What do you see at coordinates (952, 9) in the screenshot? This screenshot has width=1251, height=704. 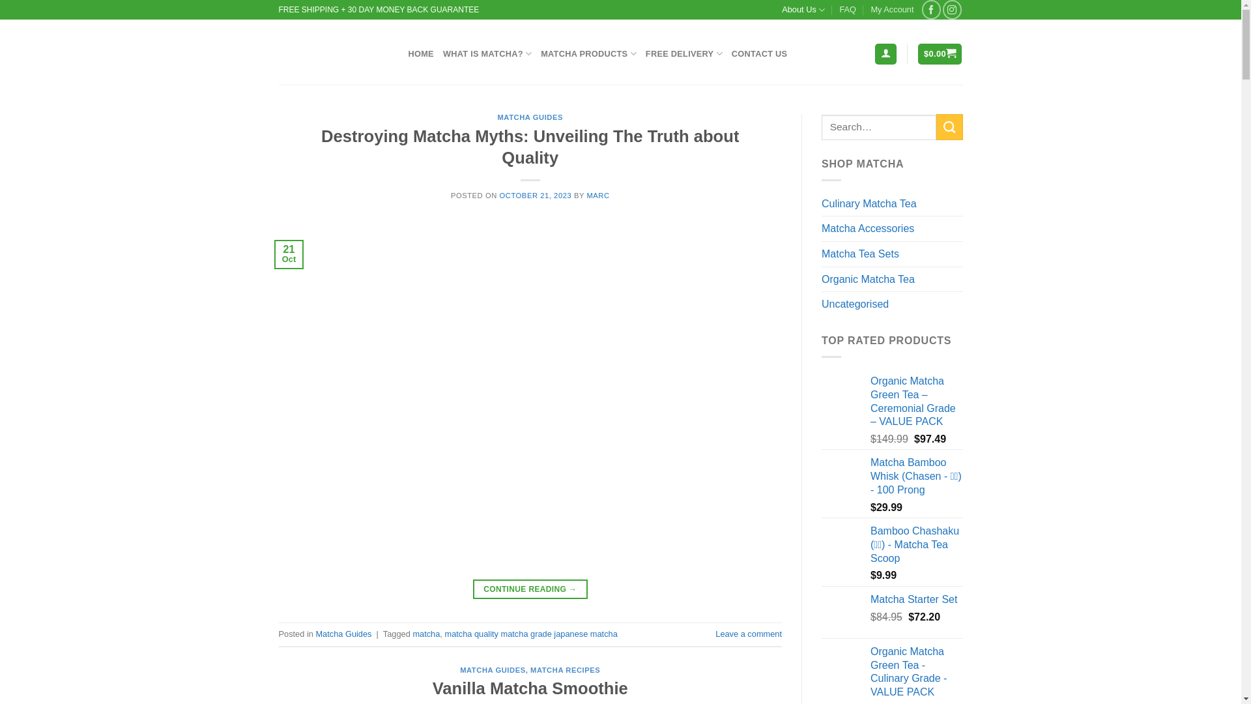 I see `'Follow on Instagram'` at bounding box center [952, 9].